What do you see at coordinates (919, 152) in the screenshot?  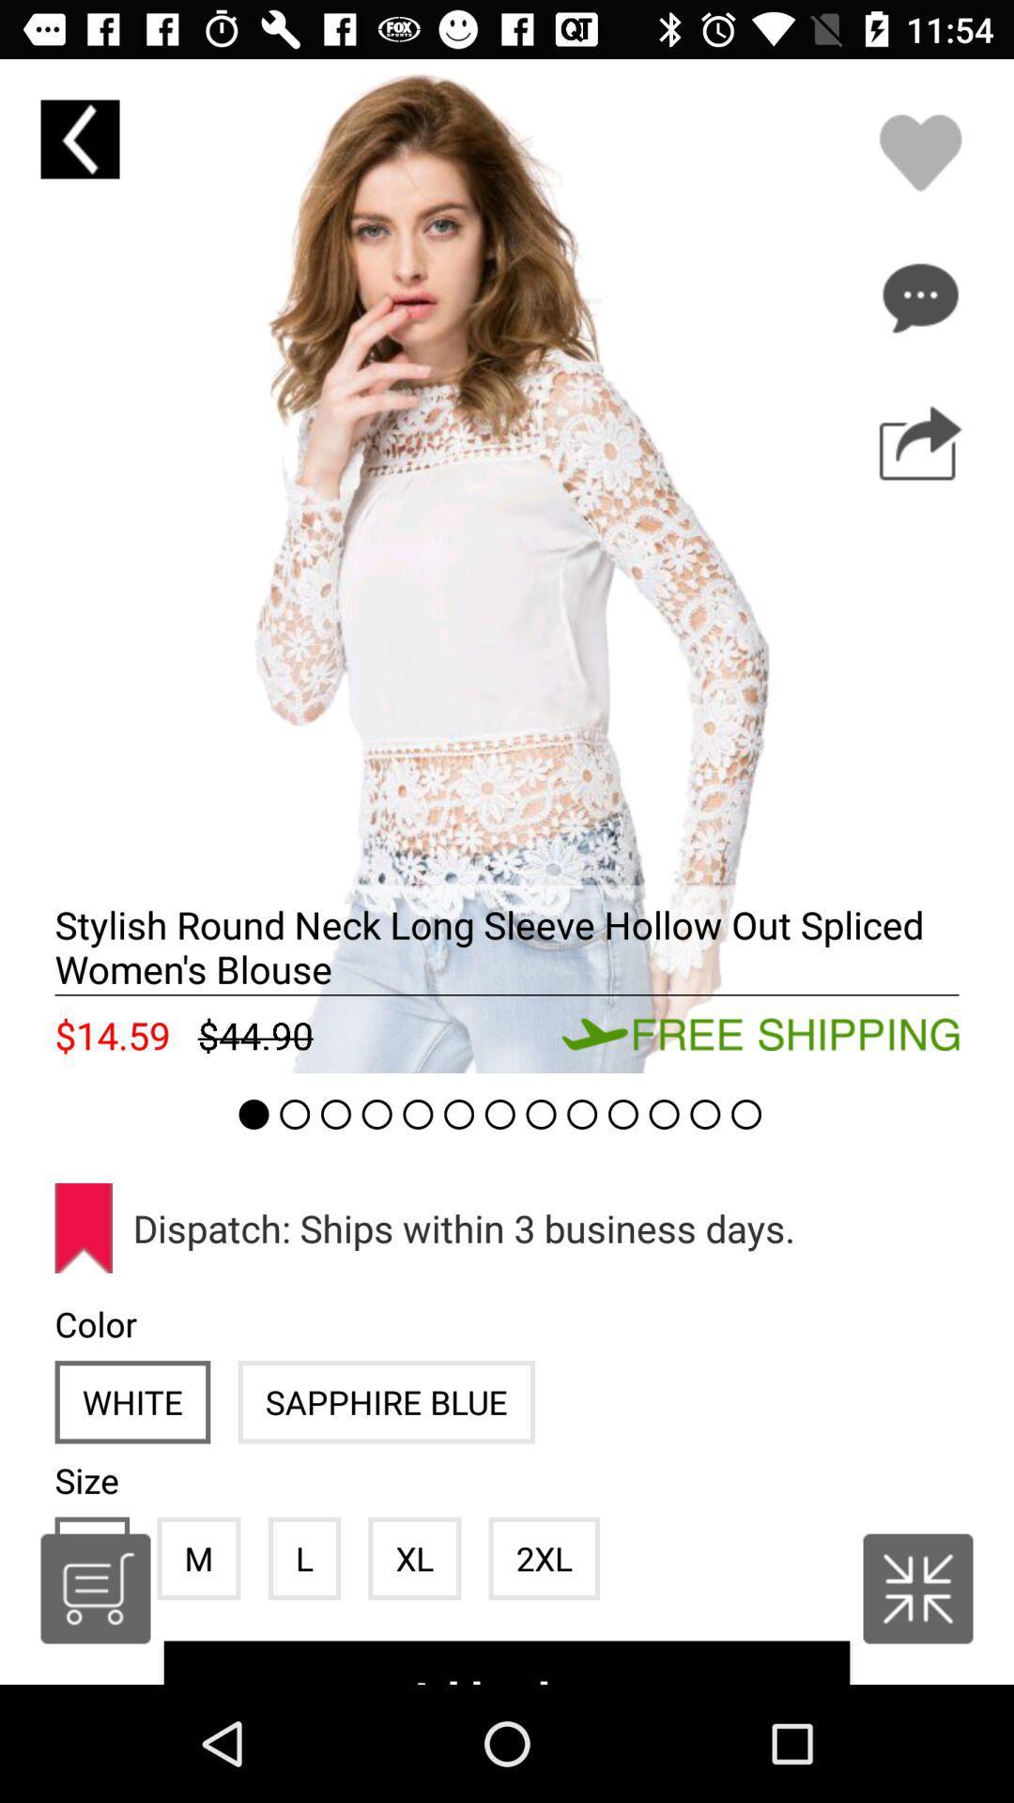 I see `the favorite icon` at bounding box center [919, 152].